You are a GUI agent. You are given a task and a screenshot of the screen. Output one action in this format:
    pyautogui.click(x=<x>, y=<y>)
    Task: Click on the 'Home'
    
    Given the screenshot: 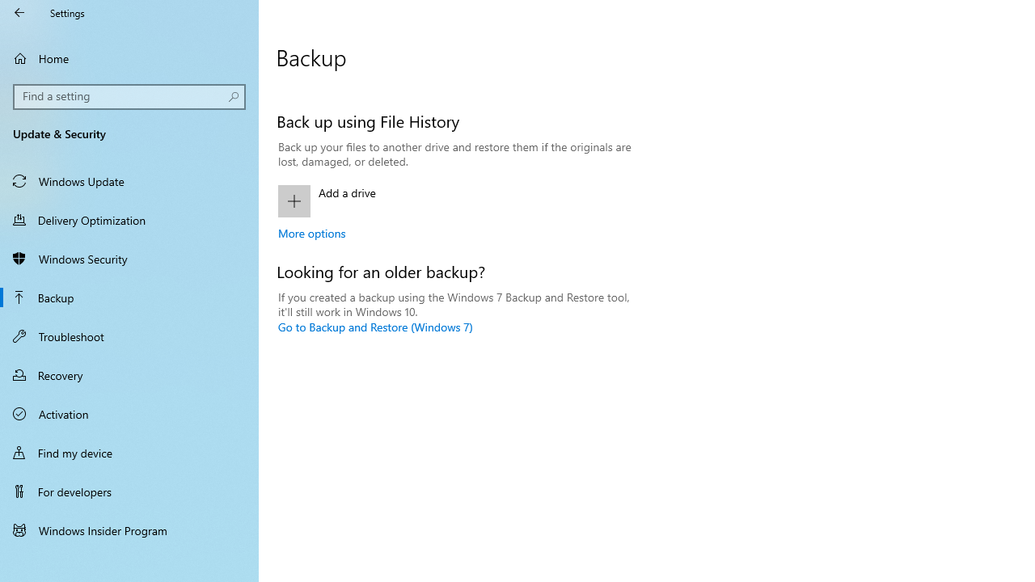 What is the action you would take?
    pyautogui.click(x=129, y=57)
    